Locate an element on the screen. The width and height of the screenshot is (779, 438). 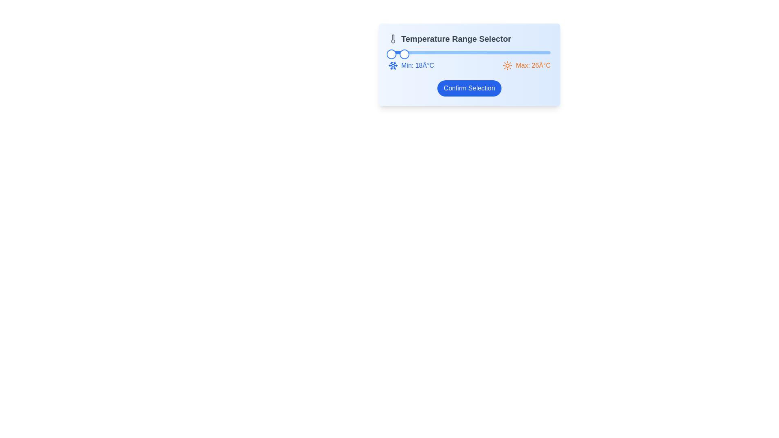
the left slider knob is located at coordinates (405, 54).